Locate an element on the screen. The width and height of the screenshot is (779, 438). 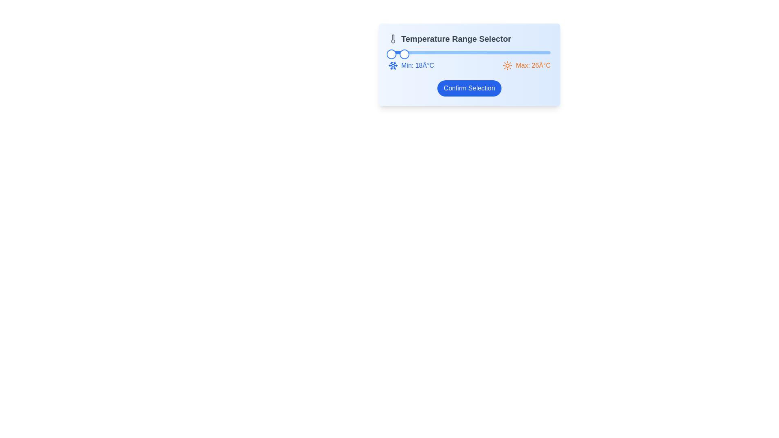
the left slider knob is located at coordinates (405, 54).